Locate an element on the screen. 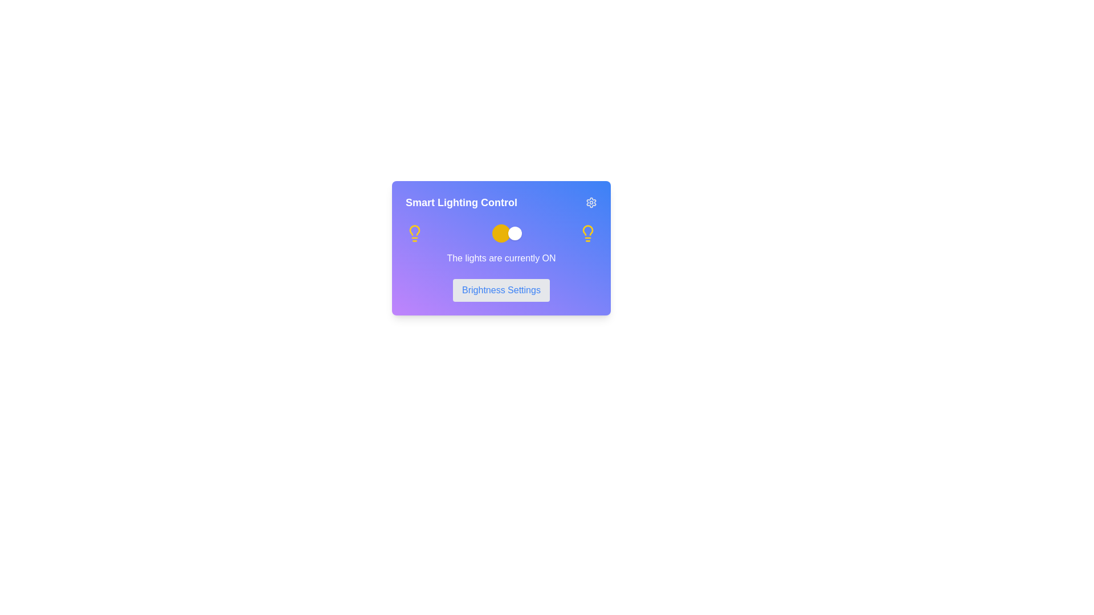 This screenshot has height=615, width=1094. the gear icon located in the top-right corner of the 'Smart Lighting Control' interface is located at coordinates (591, 202).